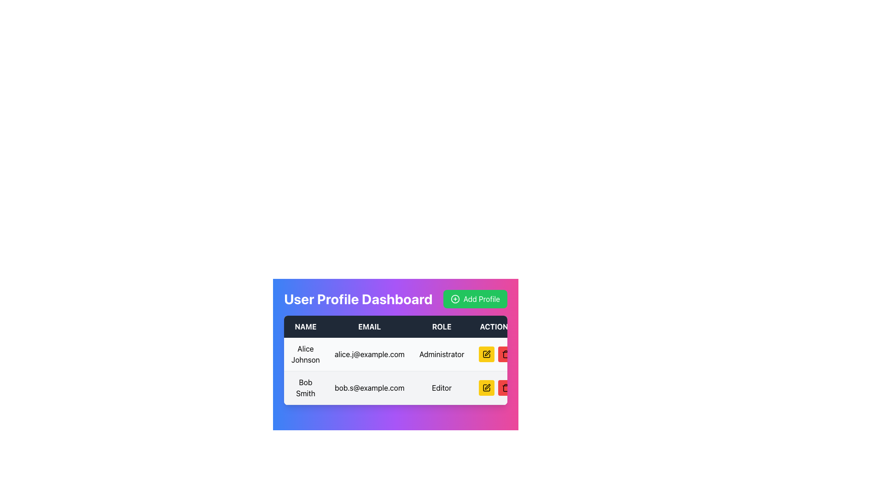  I want to click on the email address field displaying the email associated with 'Bob Smith' in the user profile table, located in the second row under the 'EMAIL' column, so click(369, 388).